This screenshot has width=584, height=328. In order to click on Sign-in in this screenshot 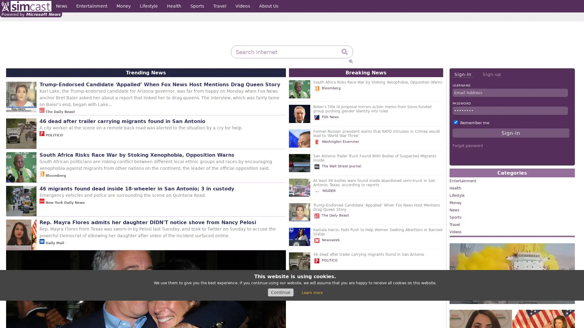, I will do `click(511, 133)`.